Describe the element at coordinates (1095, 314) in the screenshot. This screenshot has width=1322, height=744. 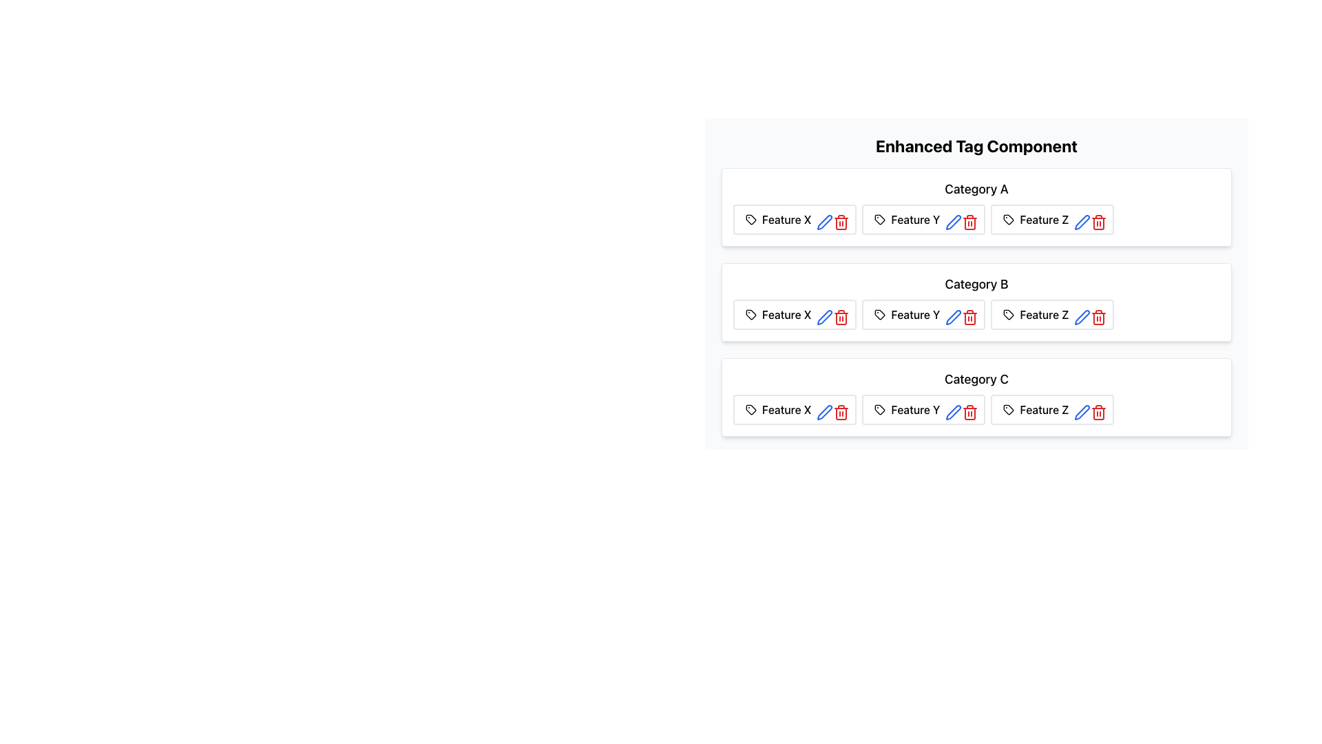
I see `the trash bin icon, which is the third interactive element next to the 'Feature Z' text` at that location.